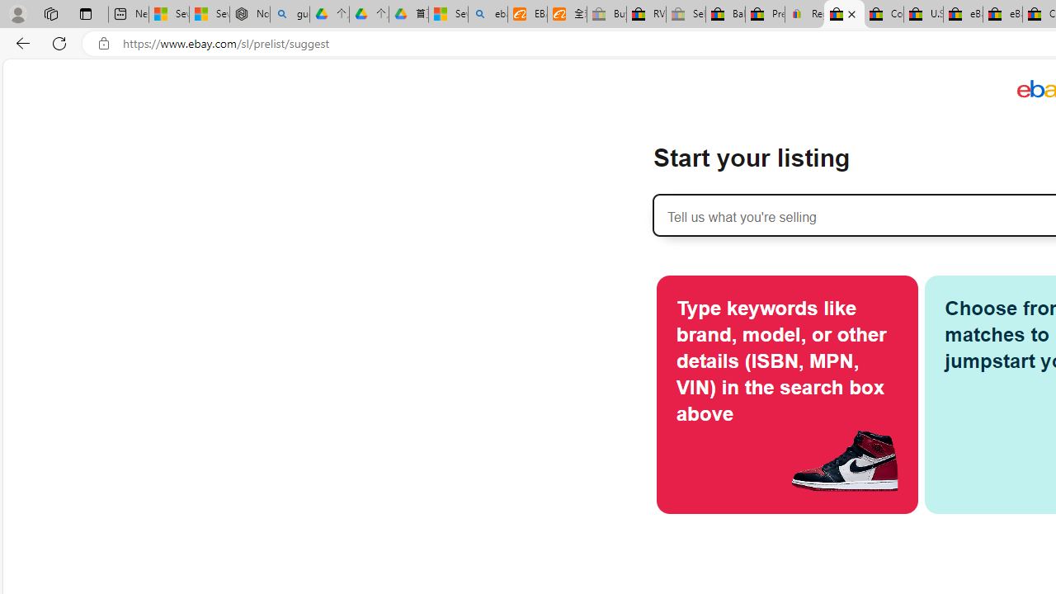  I want to click on 'Consumer Health Data Privacy Policy - eBay Inc.', so click(883, 14).